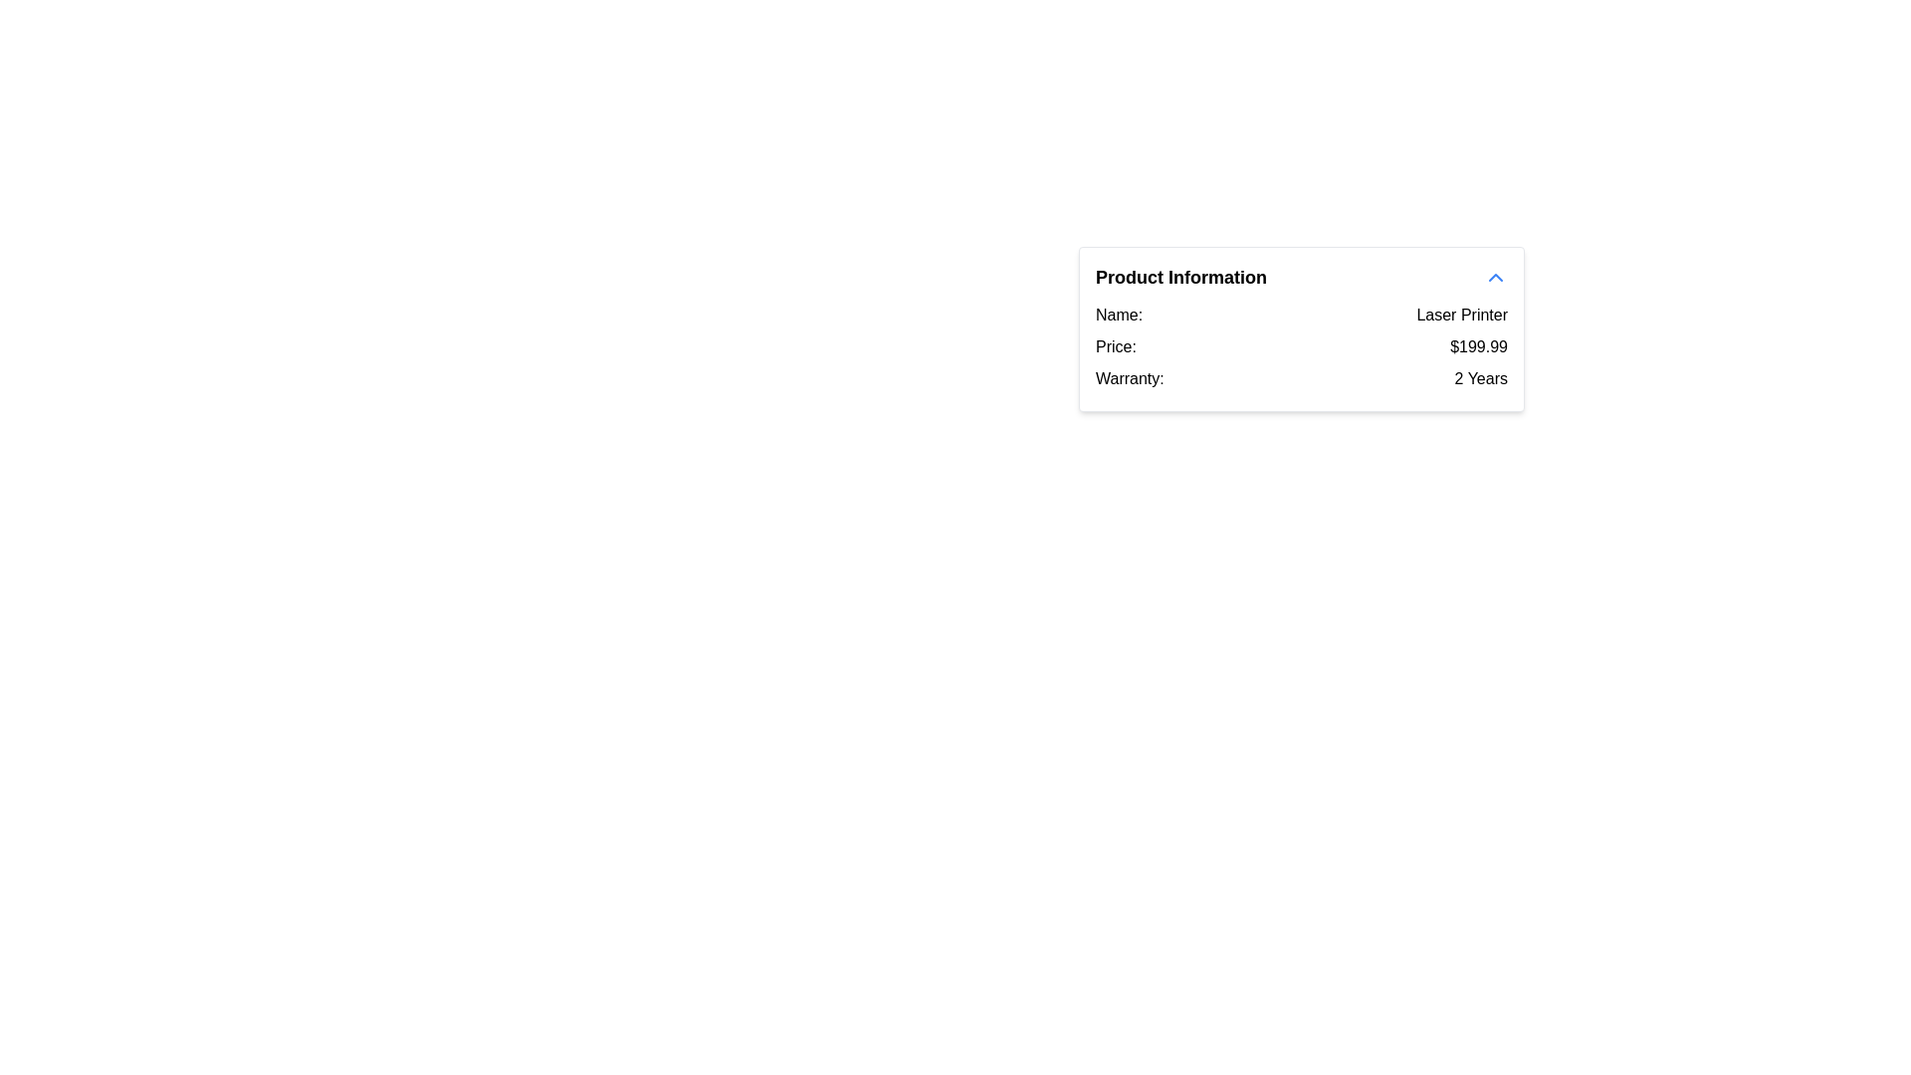  I want to click on the Static Text Label displaying 'Price:' which is positioned to the left of the price value '$199.99' in the product information widget, so click(1116, 345).